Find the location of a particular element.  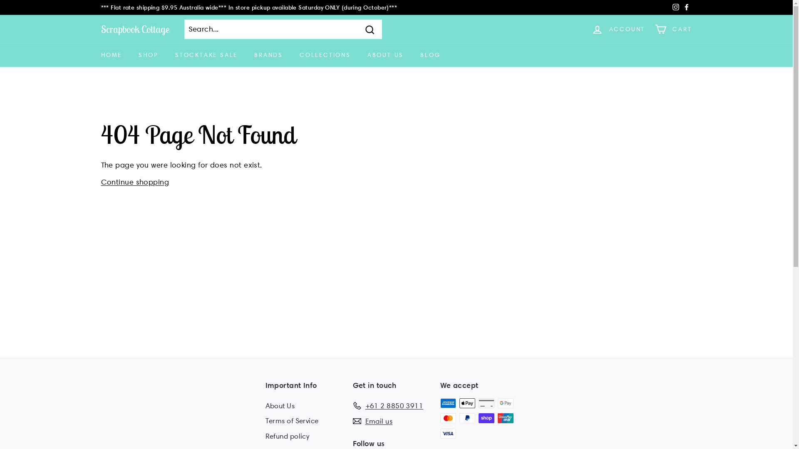

'Scrapbook Cottage' is located at coordinates (135, 28).